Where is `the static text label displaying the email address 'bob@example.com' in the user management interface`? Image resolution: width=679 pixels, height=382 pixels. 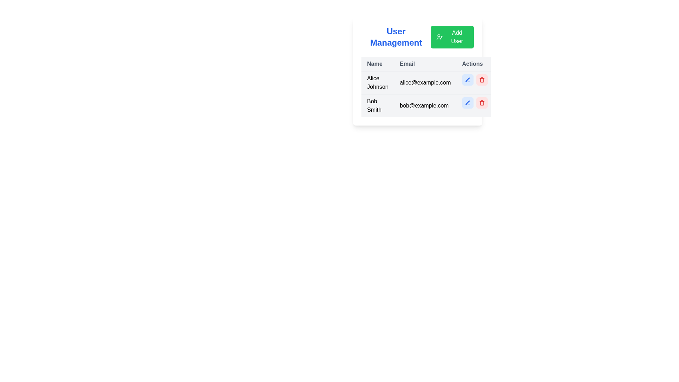
the static text label displaying the email address 'bob@example.com' in the user management interface is located at coordinates (425, 105).